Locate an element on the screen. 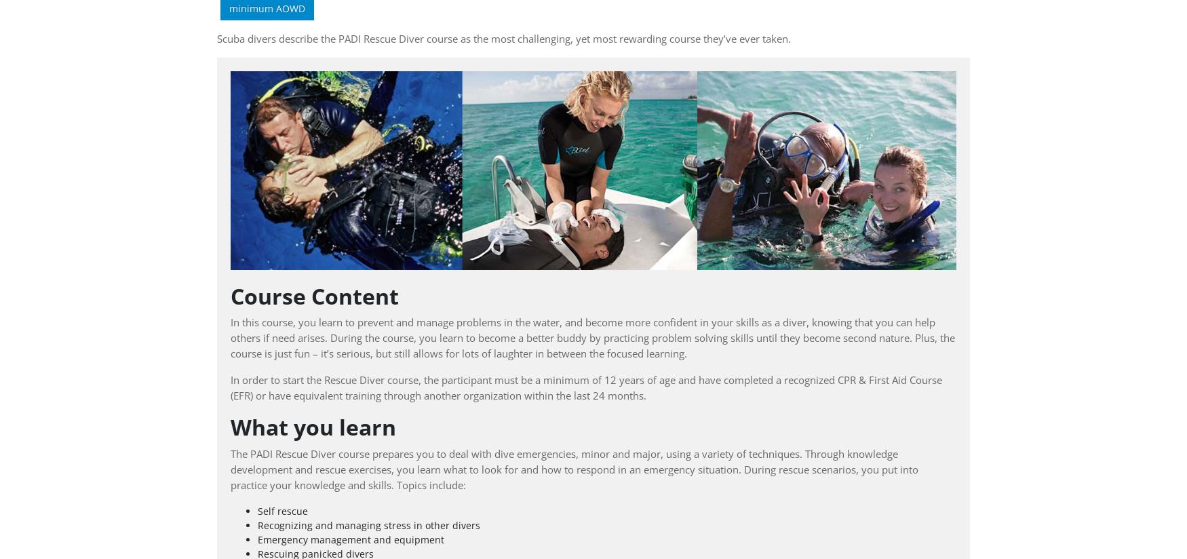  'minimum AOWD' is located at coordinates (266, 7).